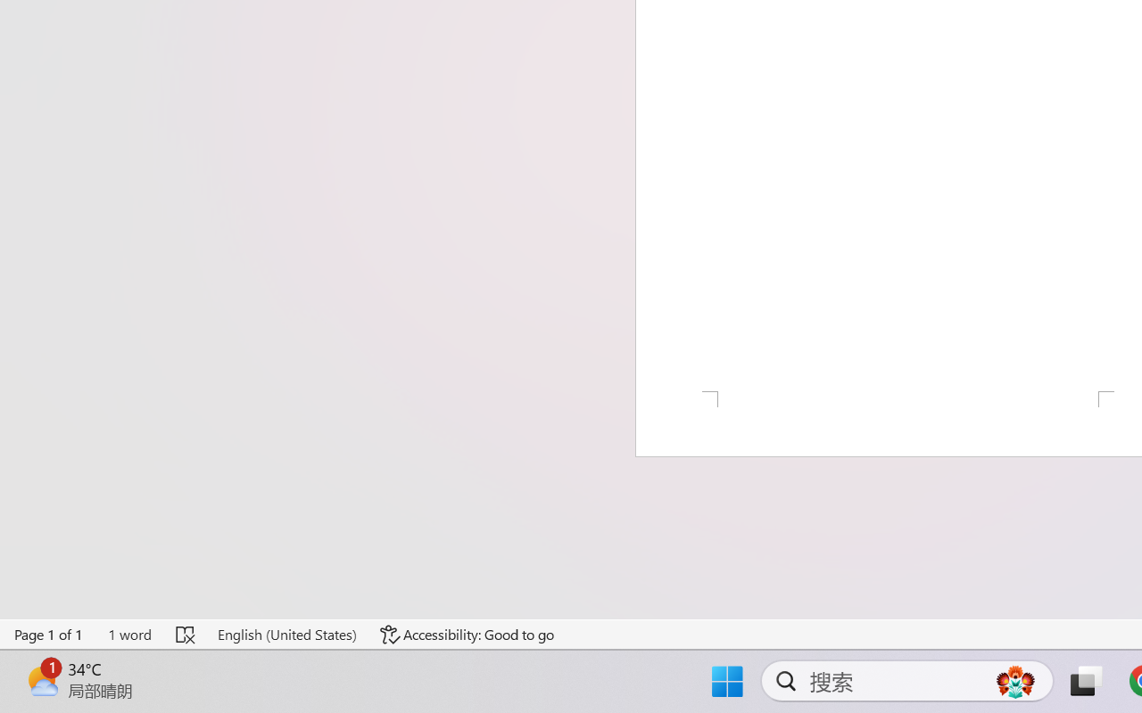 Image resolution: width=1142 pixels, height=713 pixels. I want to click on 'Spelling and Grammar Check Errors', so click(186, 634).